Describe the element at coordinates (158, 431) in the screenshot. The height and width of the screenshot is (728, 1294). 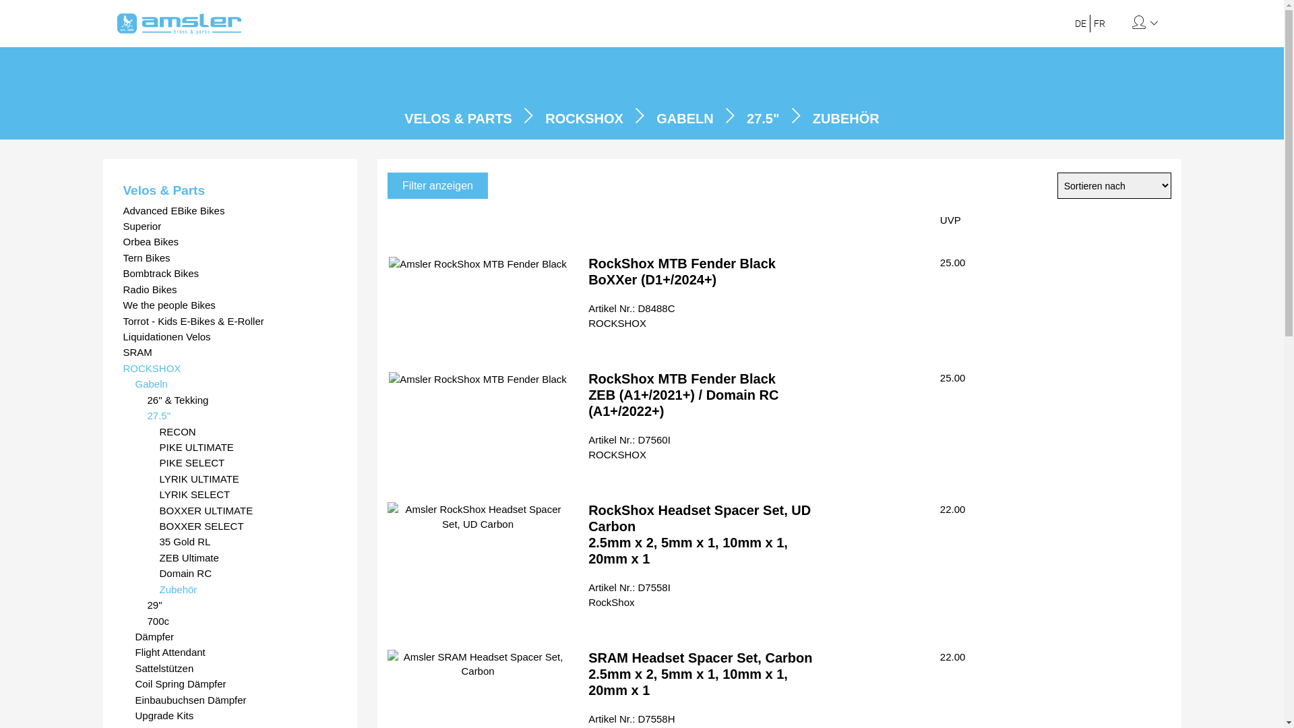
I see `'RECON'` at that location.